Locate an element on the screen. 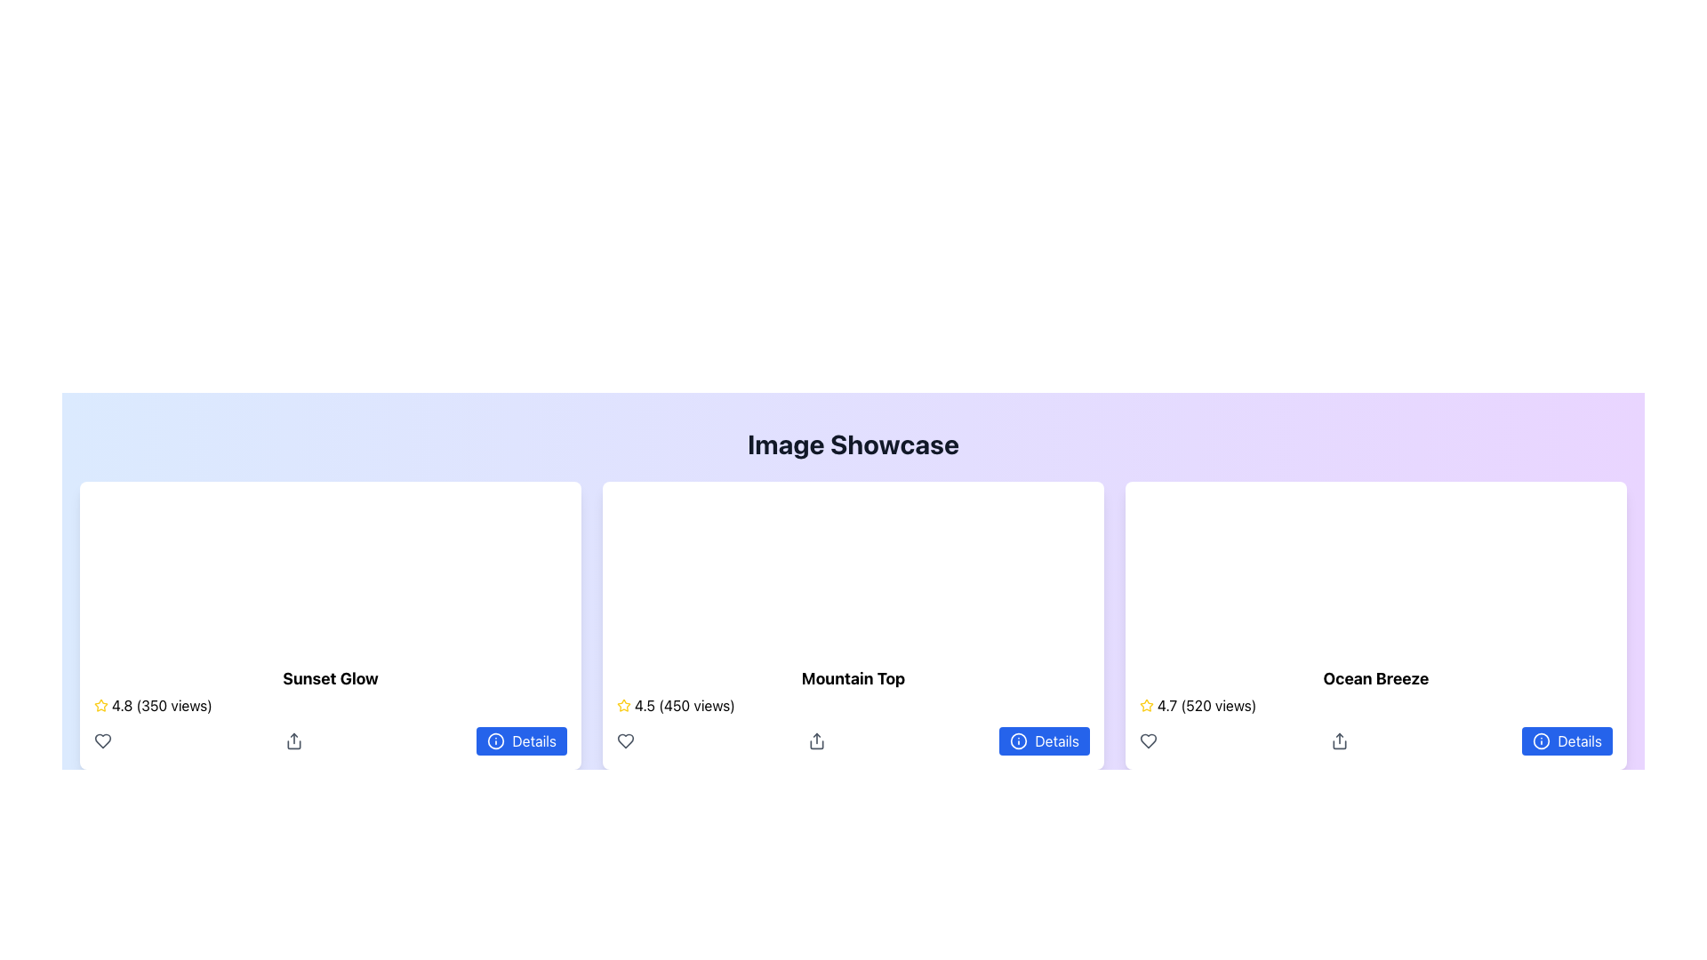  the star rating icon representing 4.5 stars located beneath the 'Mountain Top' image card as the first icon in the rating set is located at coordinates (623, 705).